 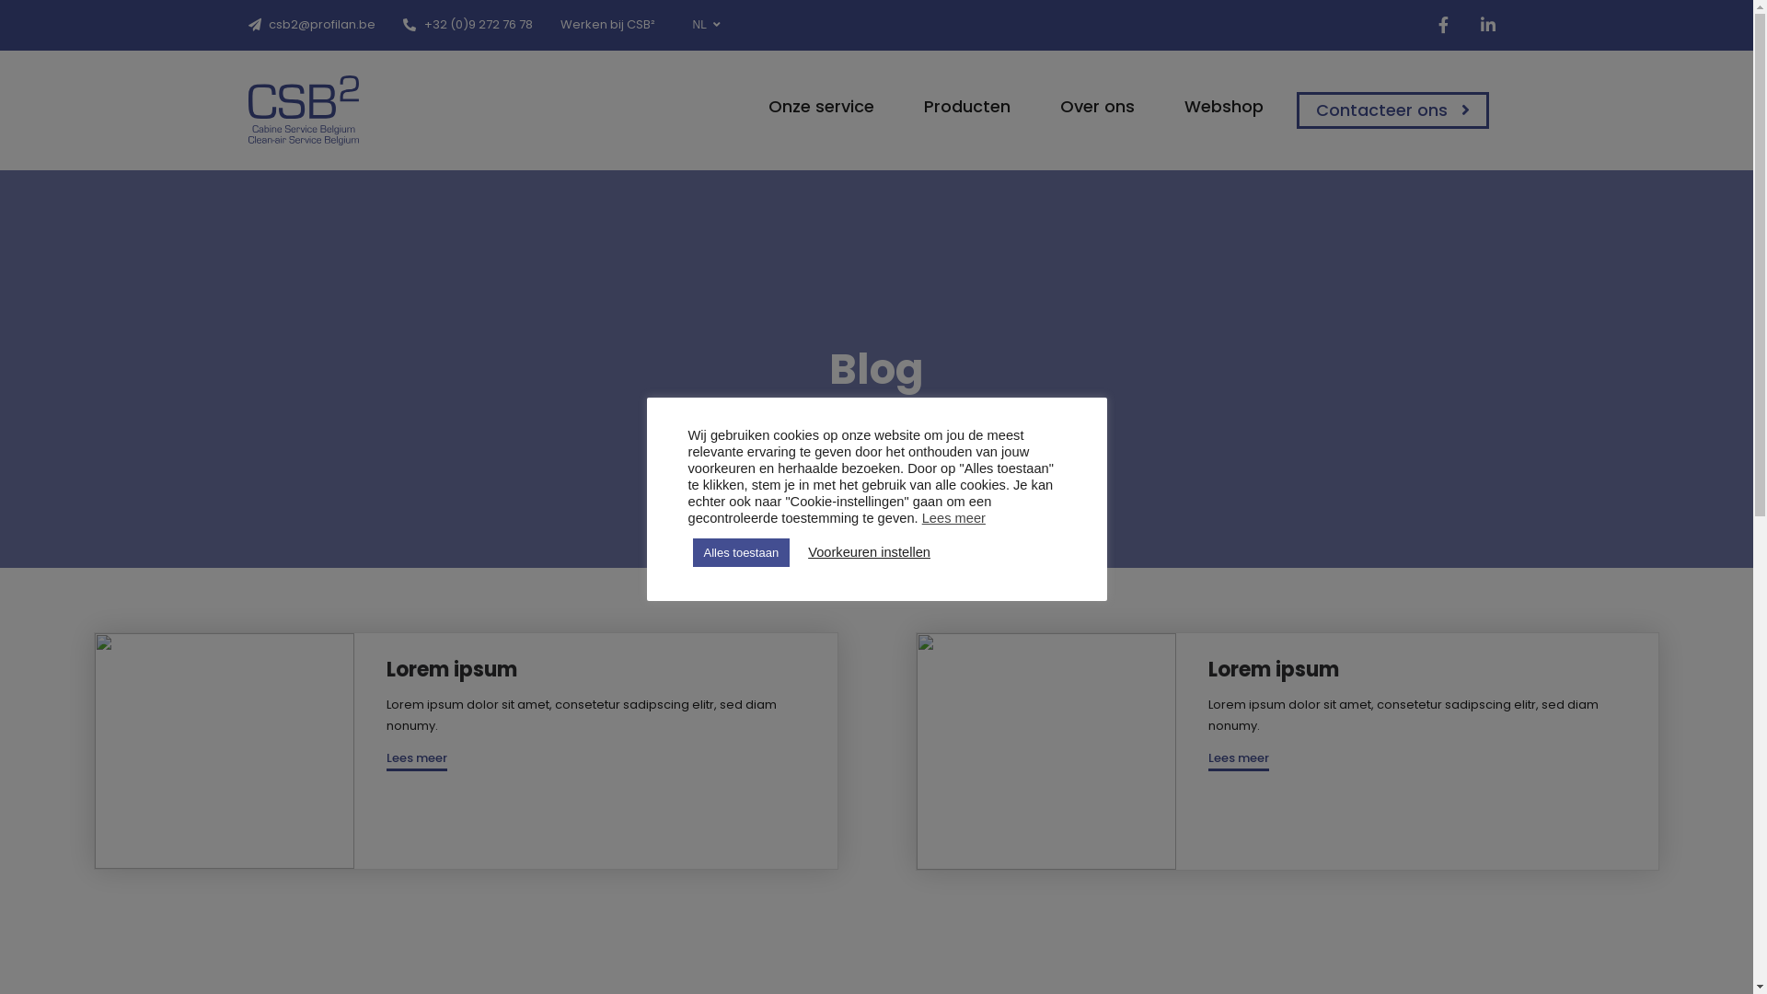 I want to click on 'Contacteer ons', so click(x=1392, y=110).